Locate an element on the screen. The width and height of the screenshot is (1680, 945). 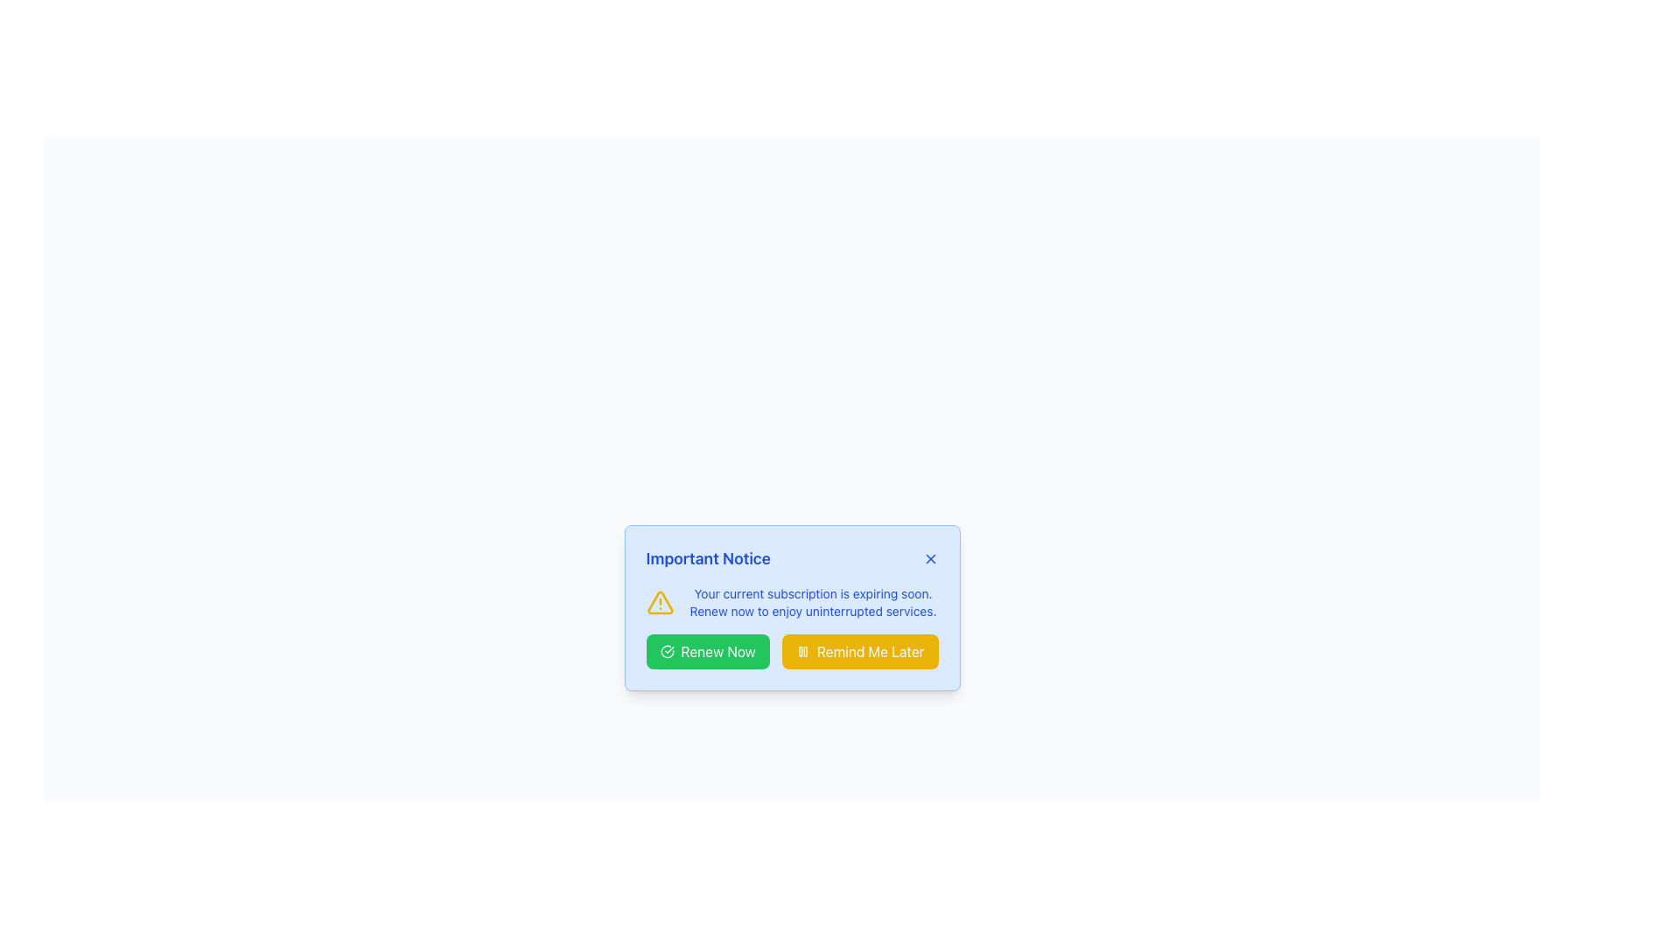
the title text label of the subscription renewal dialog box, which is positioned at the top-left and aligned with the close button at the top-right is located at coordinates (708, 559).